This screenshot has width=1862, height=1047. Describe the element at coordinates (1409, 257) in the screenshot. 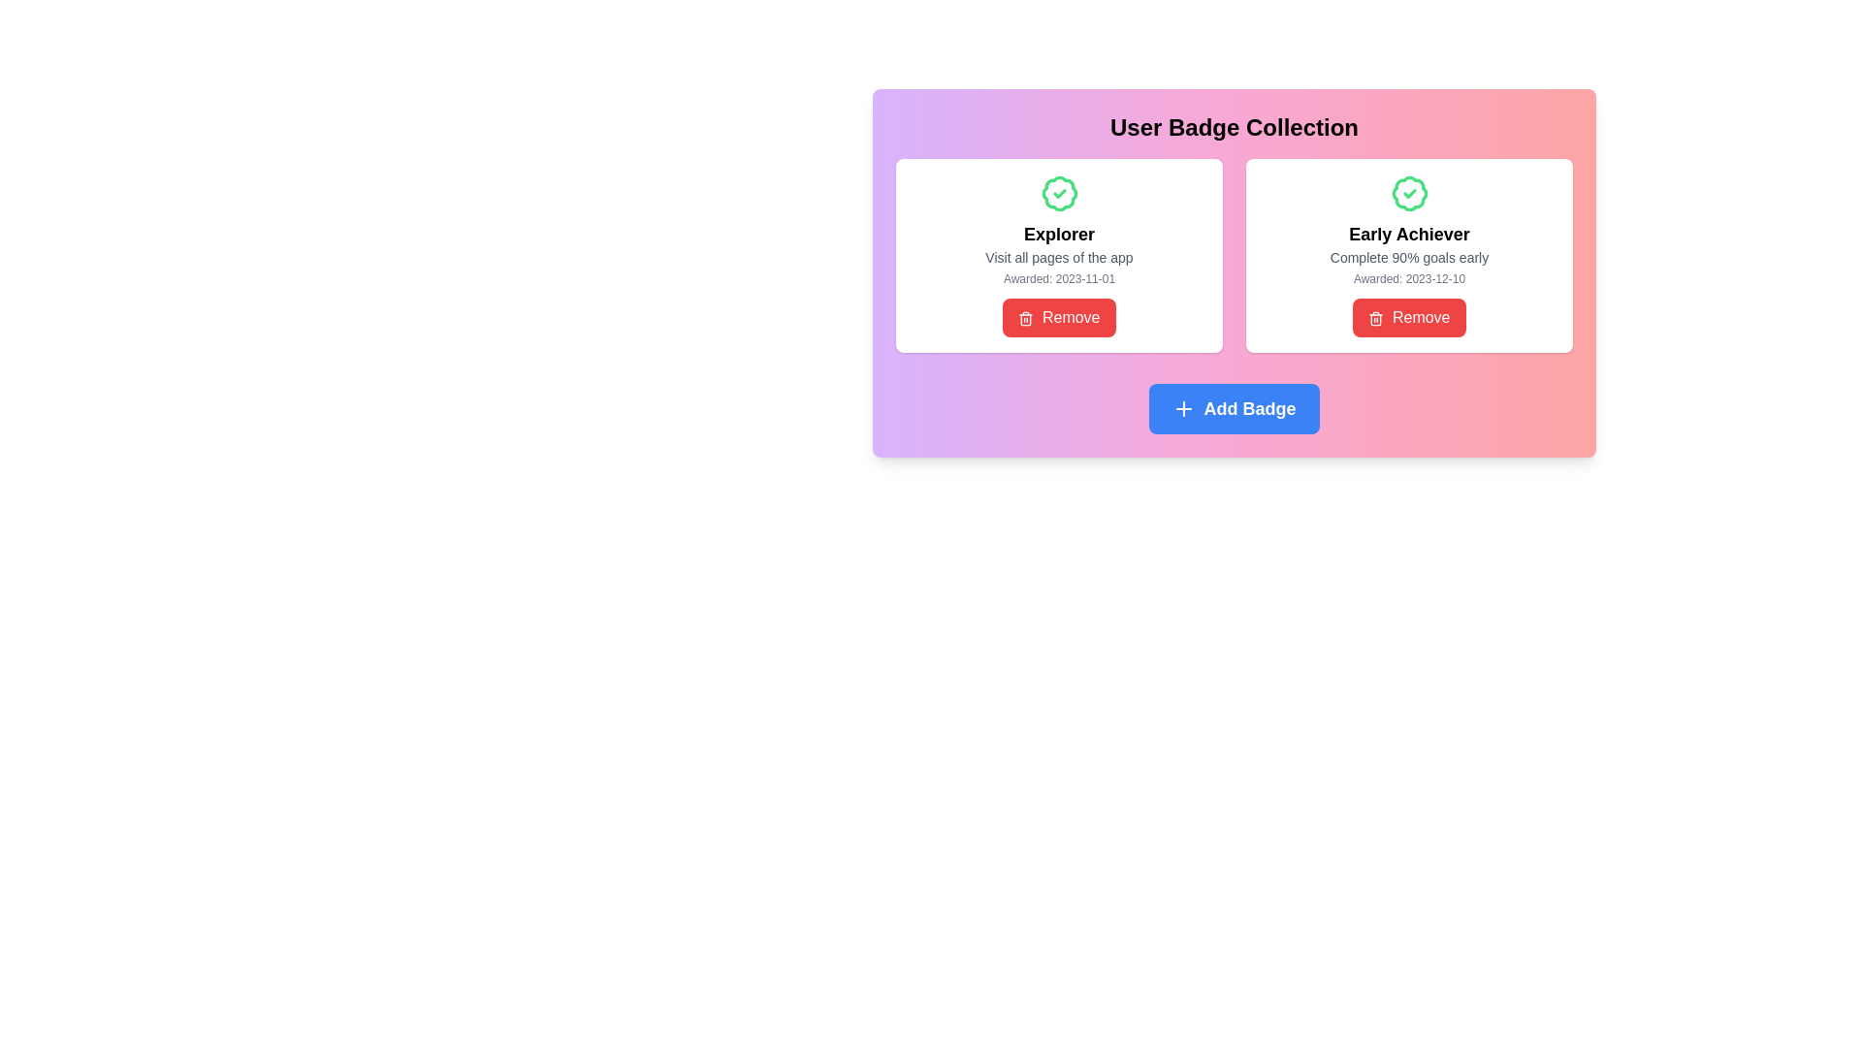

I see `the text element that states 'Complete 90% goals early', which is located beneath the 'Early Achiever' title and above the 'Remove' button in the 'User Badge Collection' section` at that location.